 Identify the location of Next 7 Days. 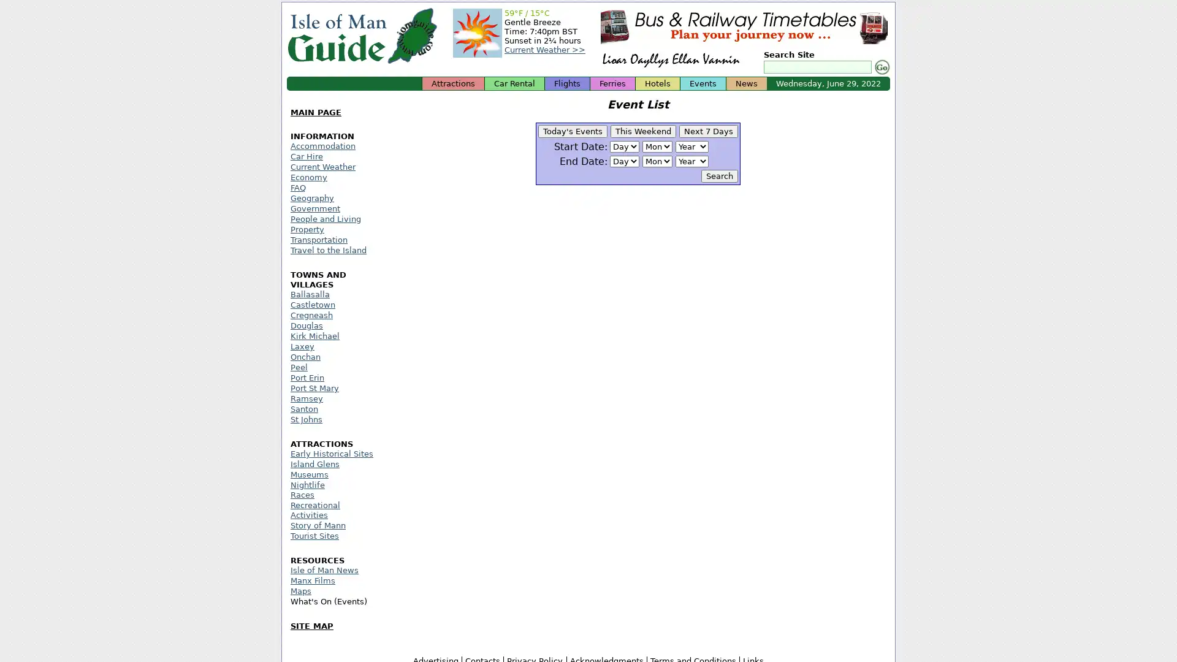
(709, 131).